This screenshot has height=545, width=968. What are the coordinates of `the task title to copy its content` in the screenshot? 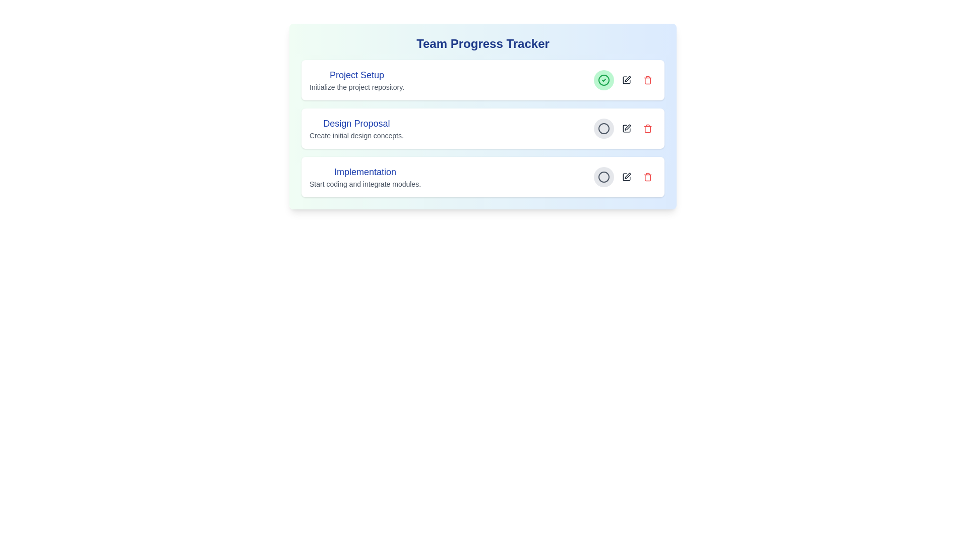 It's located at (357, 75).